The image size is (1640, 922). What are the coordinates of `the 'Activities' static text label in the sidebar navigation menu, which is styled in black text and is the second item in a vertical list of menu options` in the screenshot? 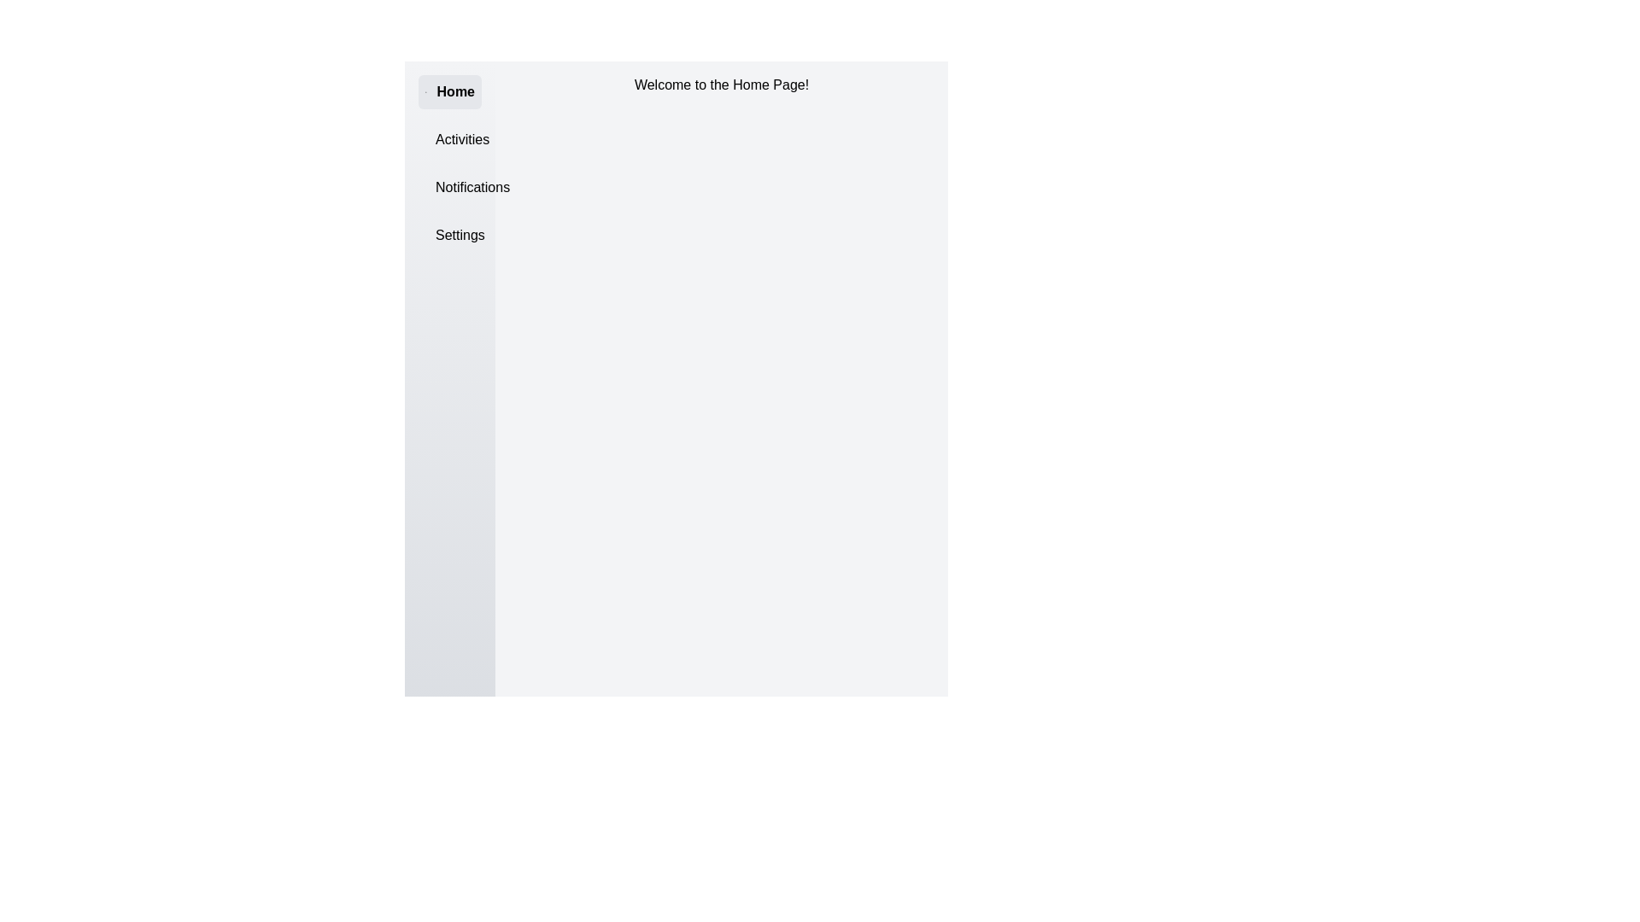 It's located at (462, 139).